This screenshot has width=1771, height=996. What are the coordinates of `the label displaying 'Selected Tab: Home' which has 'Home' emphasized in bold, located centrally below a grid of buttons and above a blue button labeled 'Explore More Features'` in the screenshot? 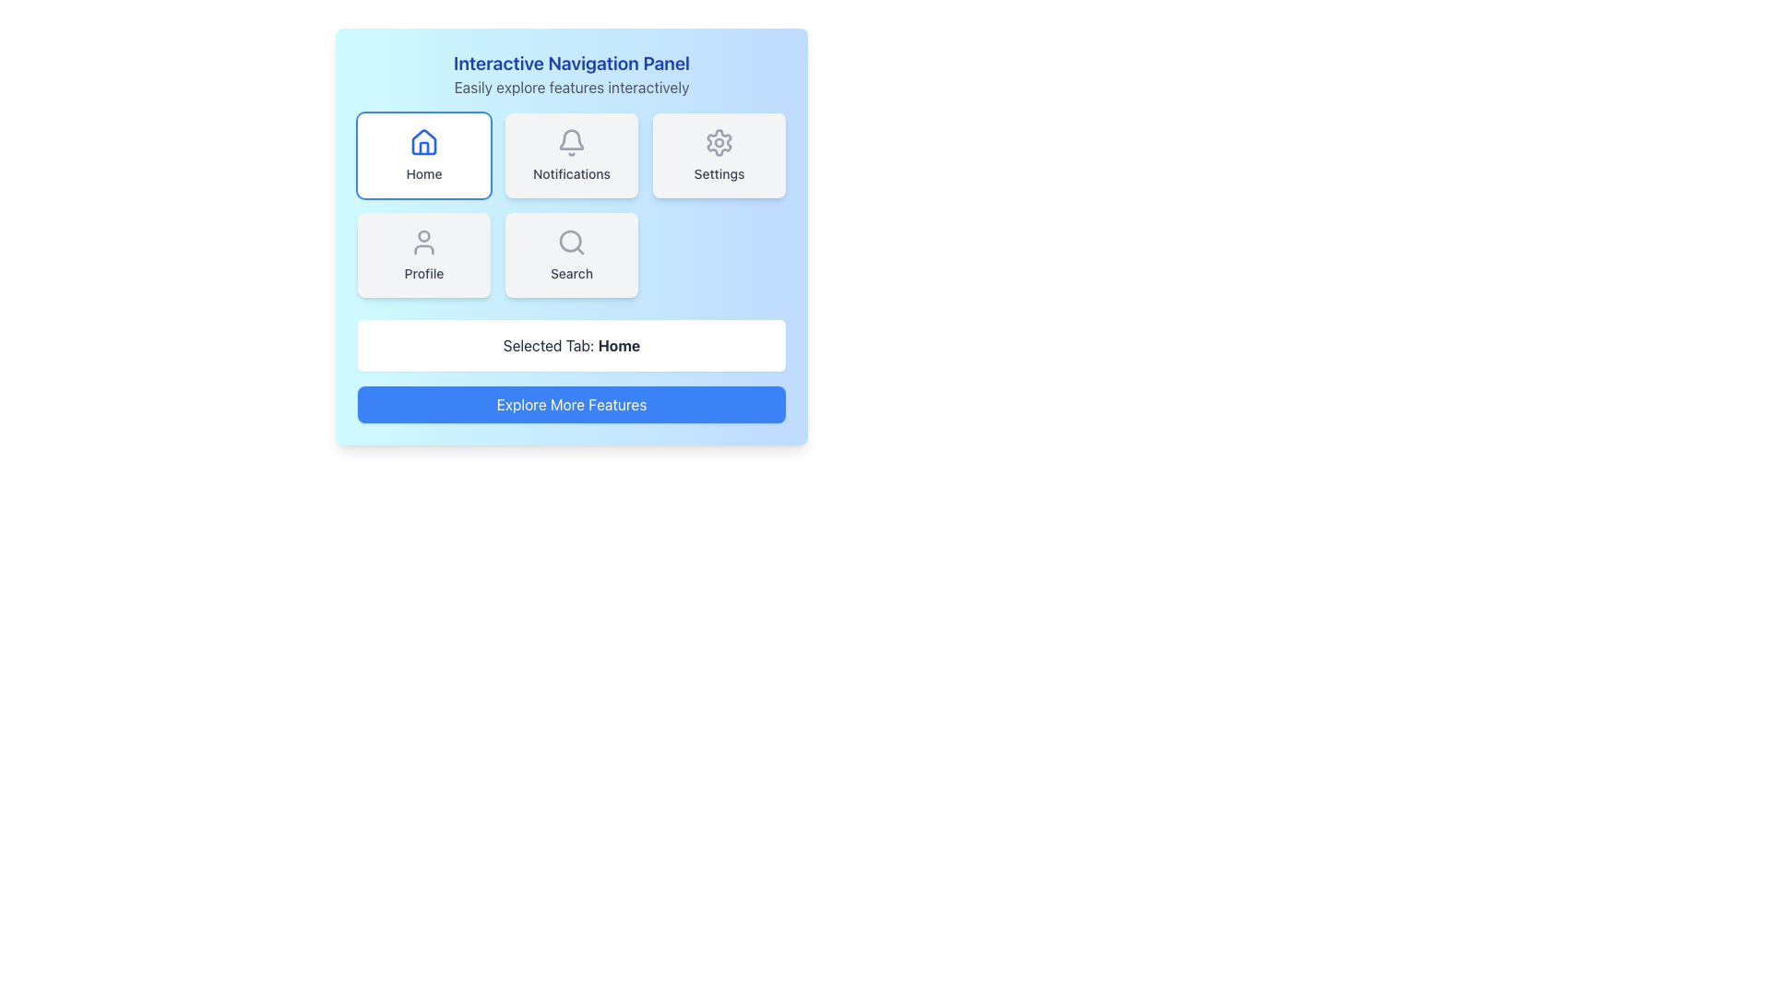 It's located at (570, 345).